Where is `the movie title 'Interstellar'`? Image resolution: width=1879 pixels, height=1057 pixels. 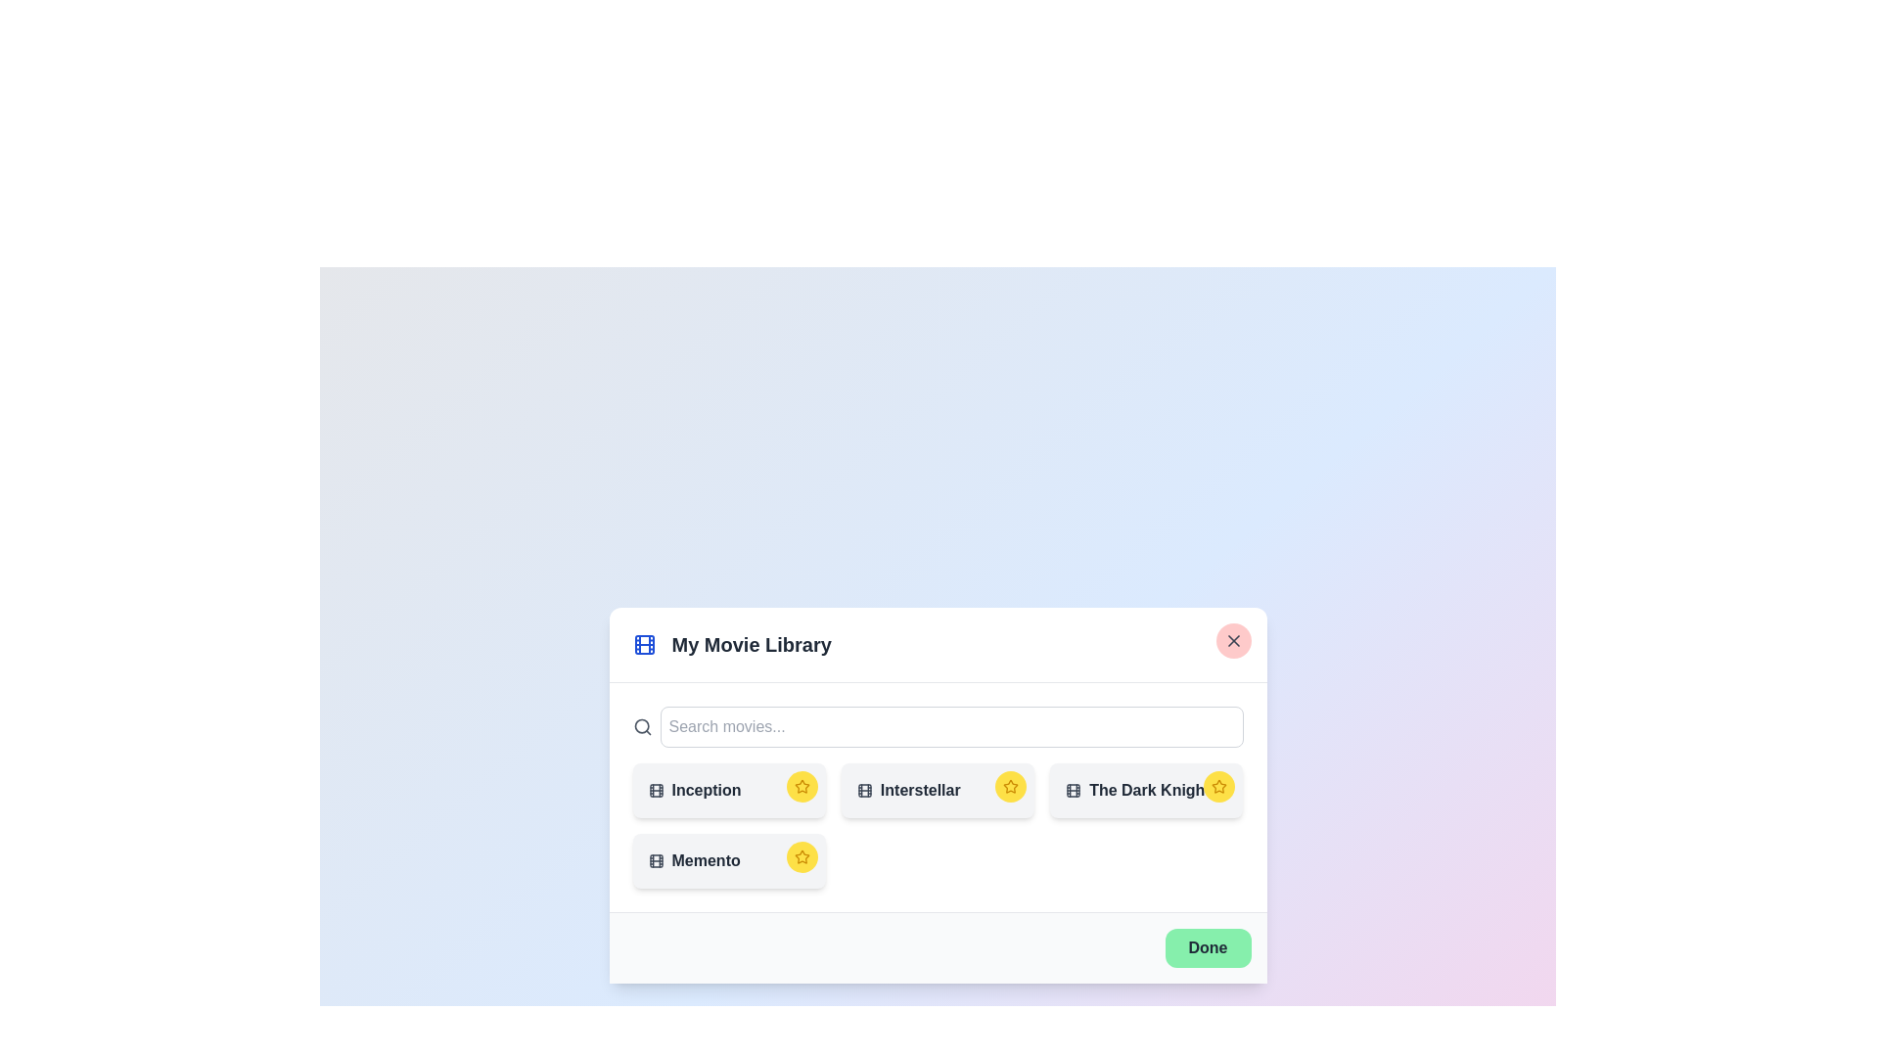 the movie title 'Interstellar' is located at coordinates (937, 789).